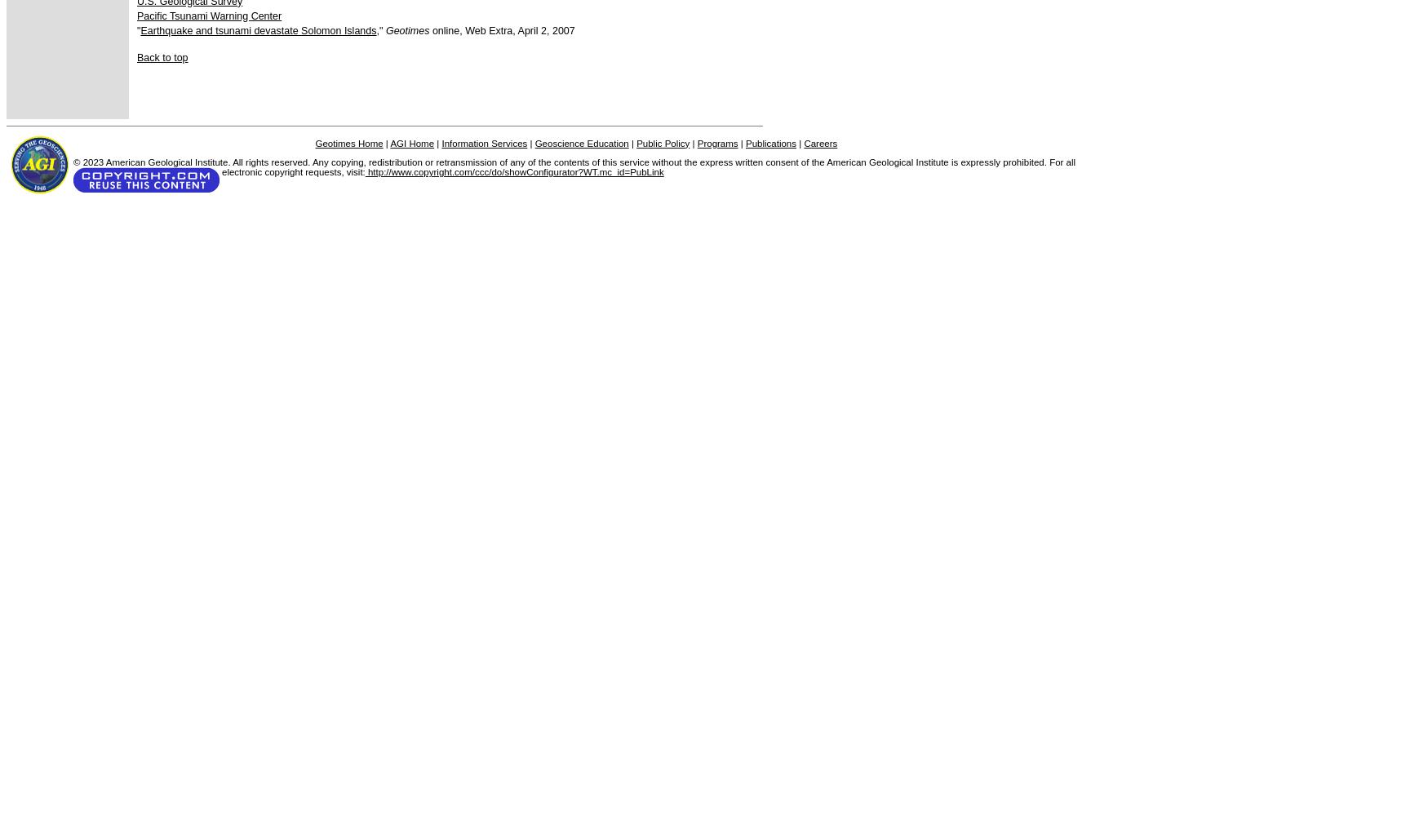 Image resolution: width=1428 pixels, height=816 pixels. Describe the element at coordinates (513, 171) in the screenshot. I see `'http://www.copyright.com/ccc/do/showConfigurator?WT.mc_id=PubLink'` at that location.